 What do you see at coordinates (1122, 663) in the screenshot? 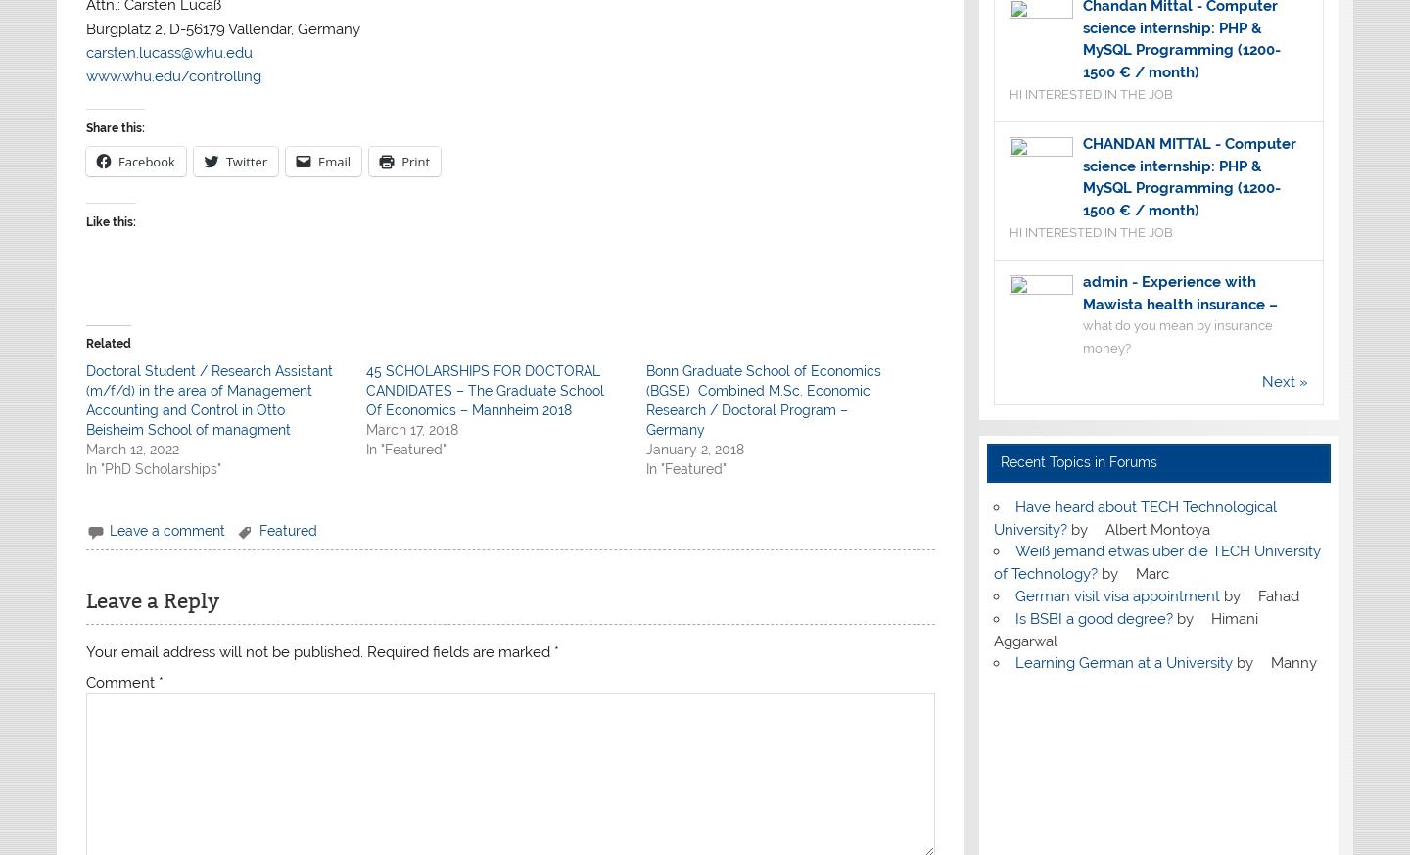
I see `'Learning German at a University'` at bounding box center [1122, 663].